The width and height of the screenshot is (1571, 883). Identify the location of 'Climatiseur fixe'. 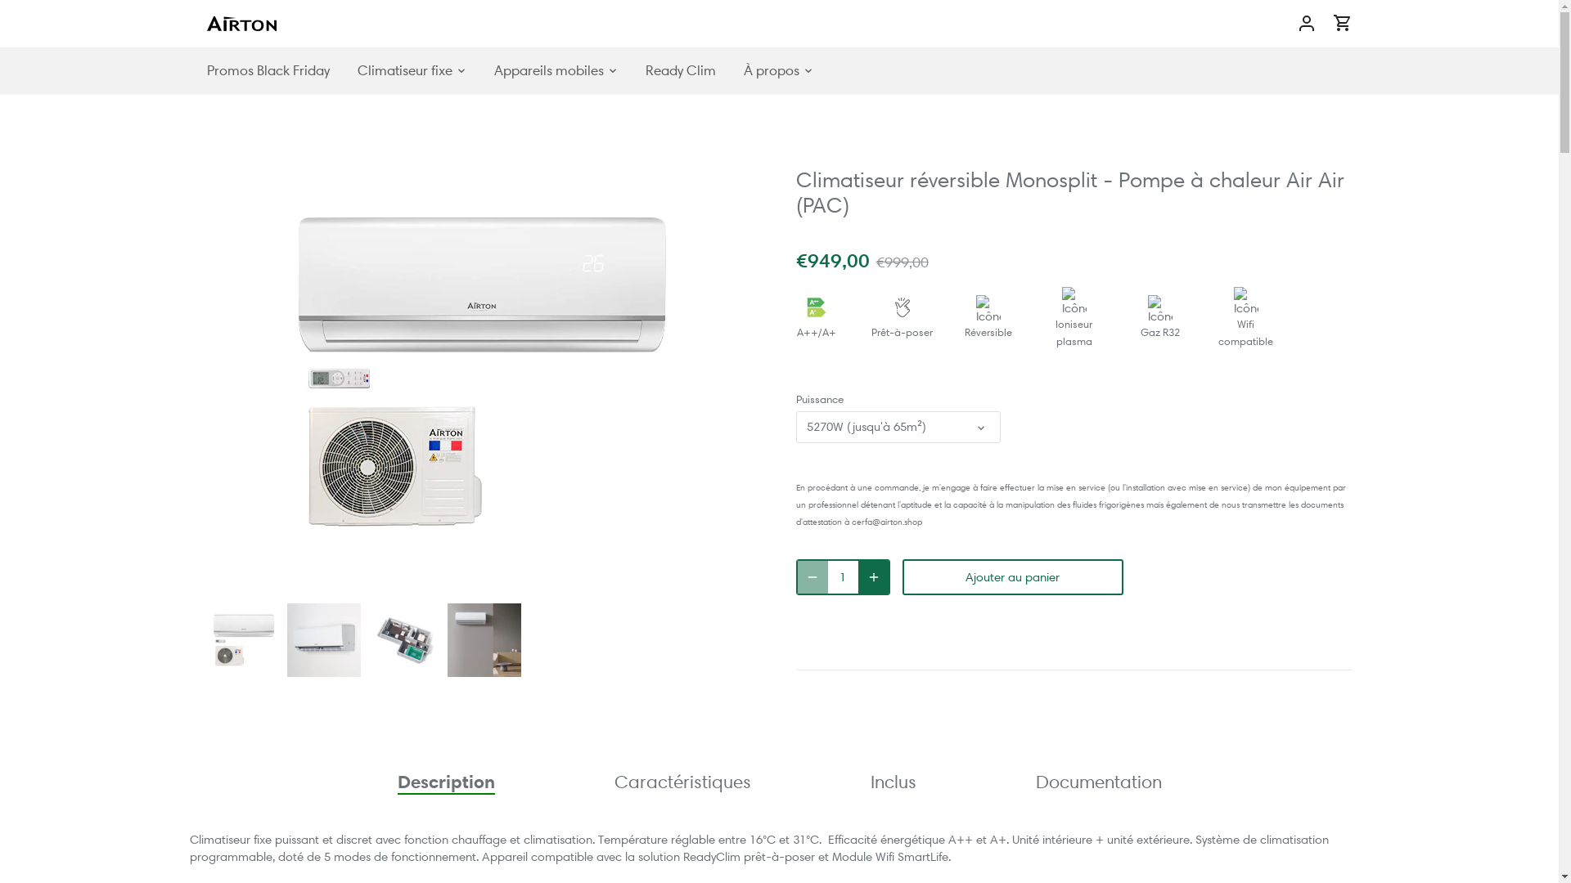
(404, 69).